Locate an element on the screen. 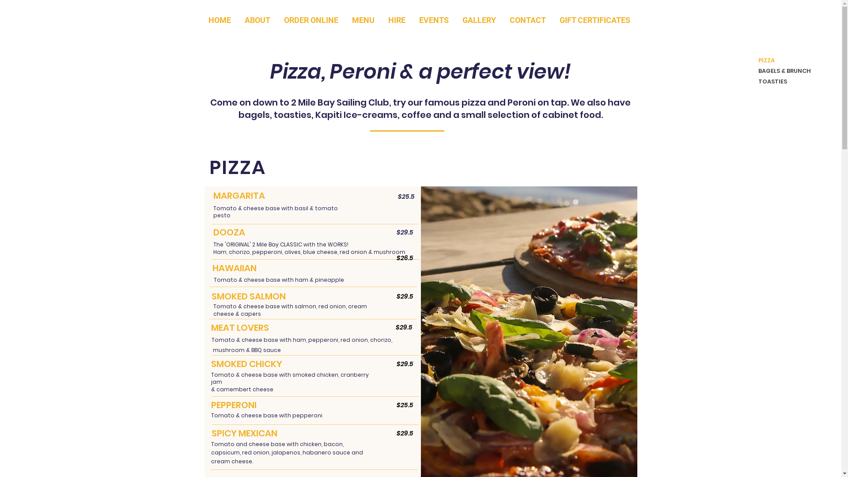 The height and width of the screenshot is (477, 848). 'PIZZA' is located at coordinates (780, 60).